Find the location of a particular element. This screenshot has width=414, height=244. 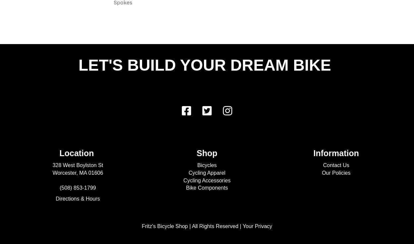

'| All Rights Reserved |' is located at coordinates (215, 226).